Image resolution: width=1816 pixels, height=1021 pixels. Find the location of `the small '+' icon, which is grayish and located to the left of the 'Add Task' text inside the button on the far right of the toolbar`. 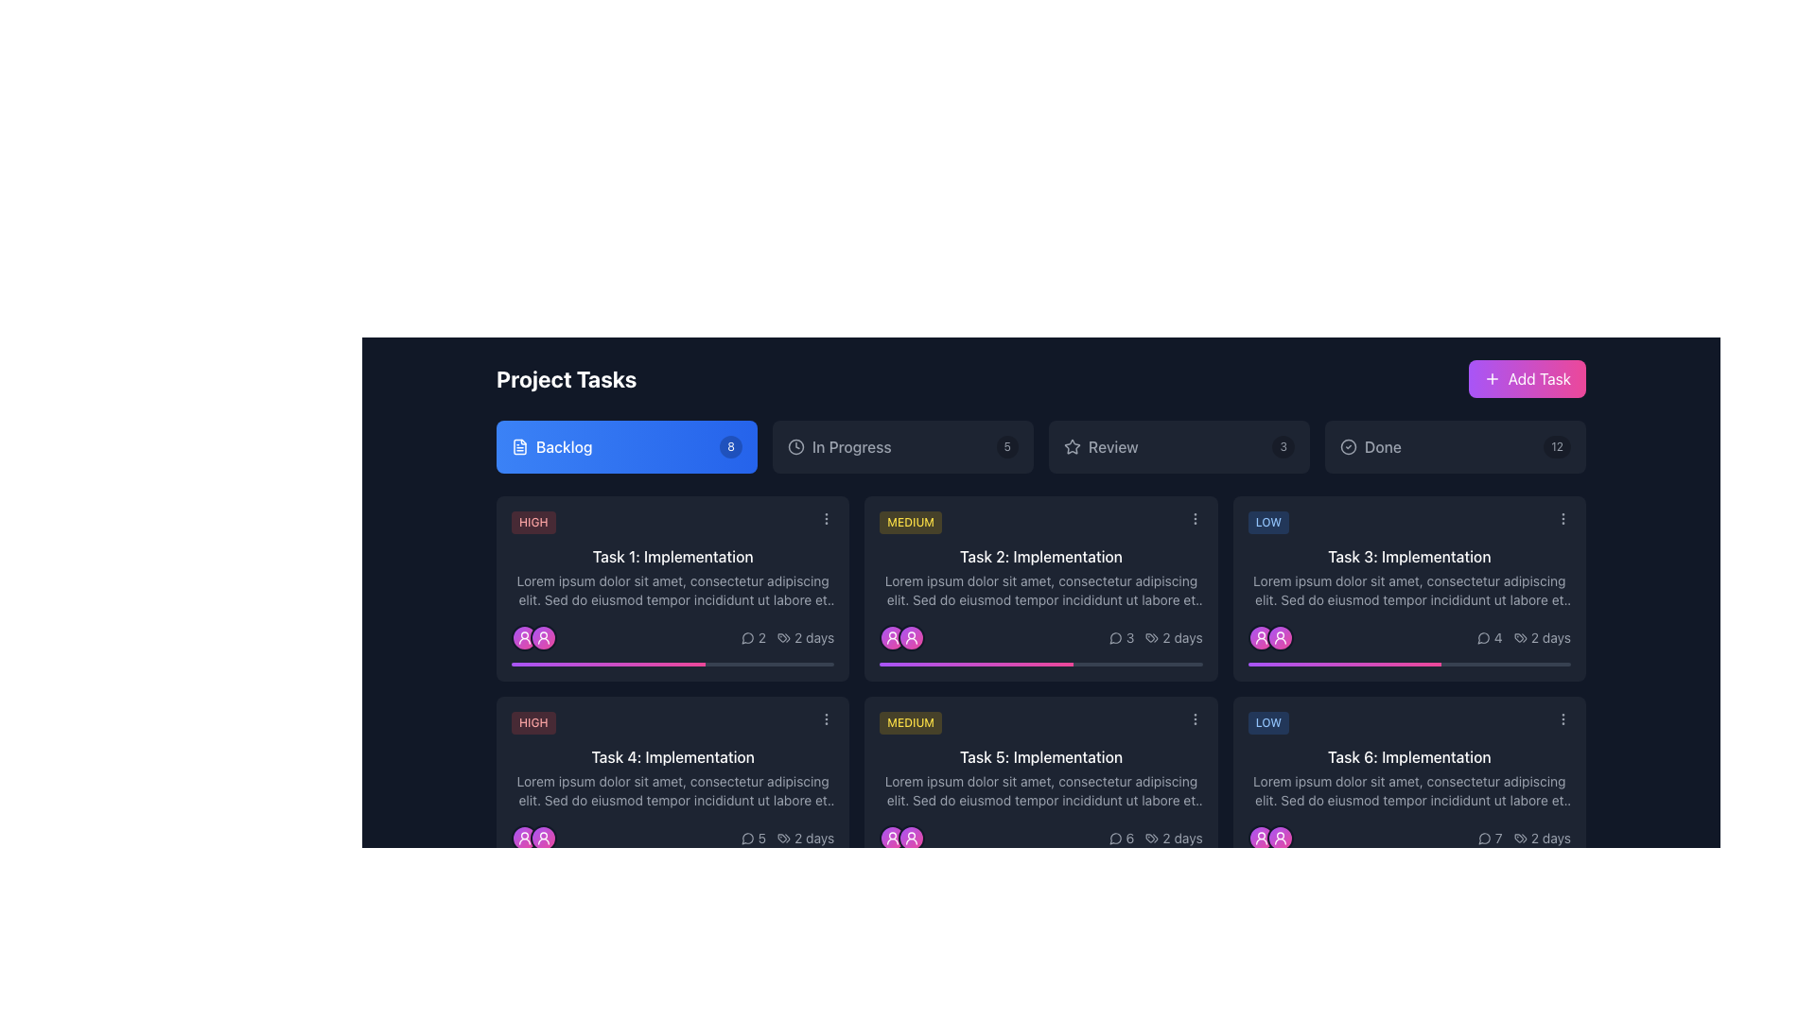

the small '+' icon, which is grayish and located to the left of the 'Add Task' text inside the button on the far right of the toolbar is located at coordinates (1491, 379).